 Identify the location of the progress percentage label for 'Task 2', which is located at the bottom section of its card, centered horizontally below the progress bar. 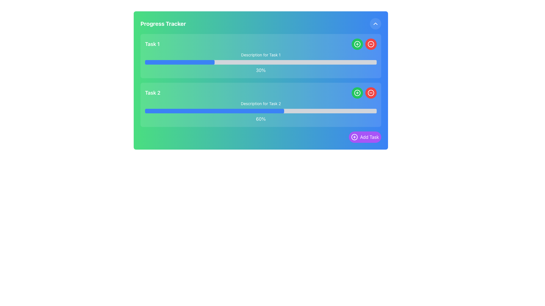
(260, 119).